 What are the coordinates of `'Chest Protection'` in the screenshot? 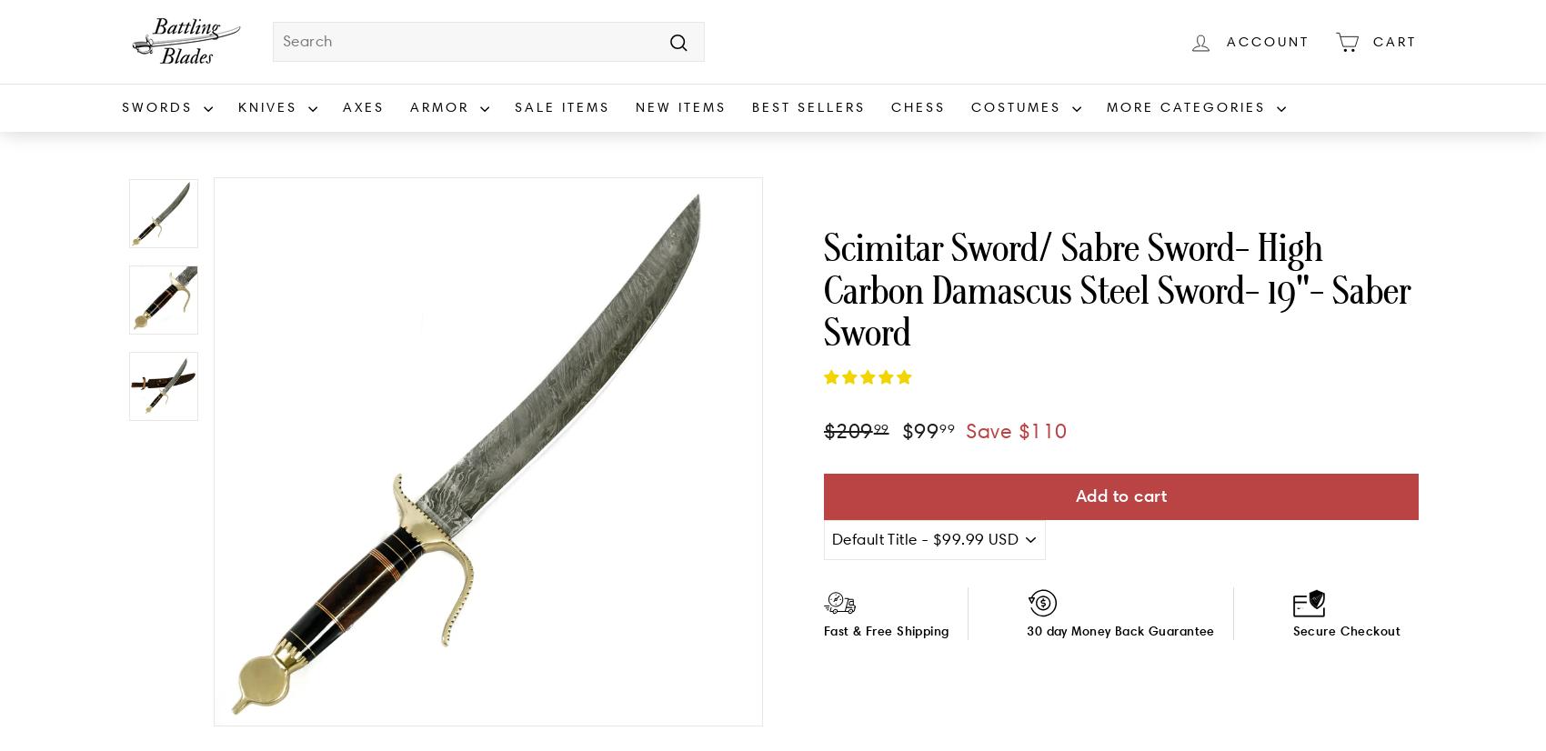 It's located at (467, 475).